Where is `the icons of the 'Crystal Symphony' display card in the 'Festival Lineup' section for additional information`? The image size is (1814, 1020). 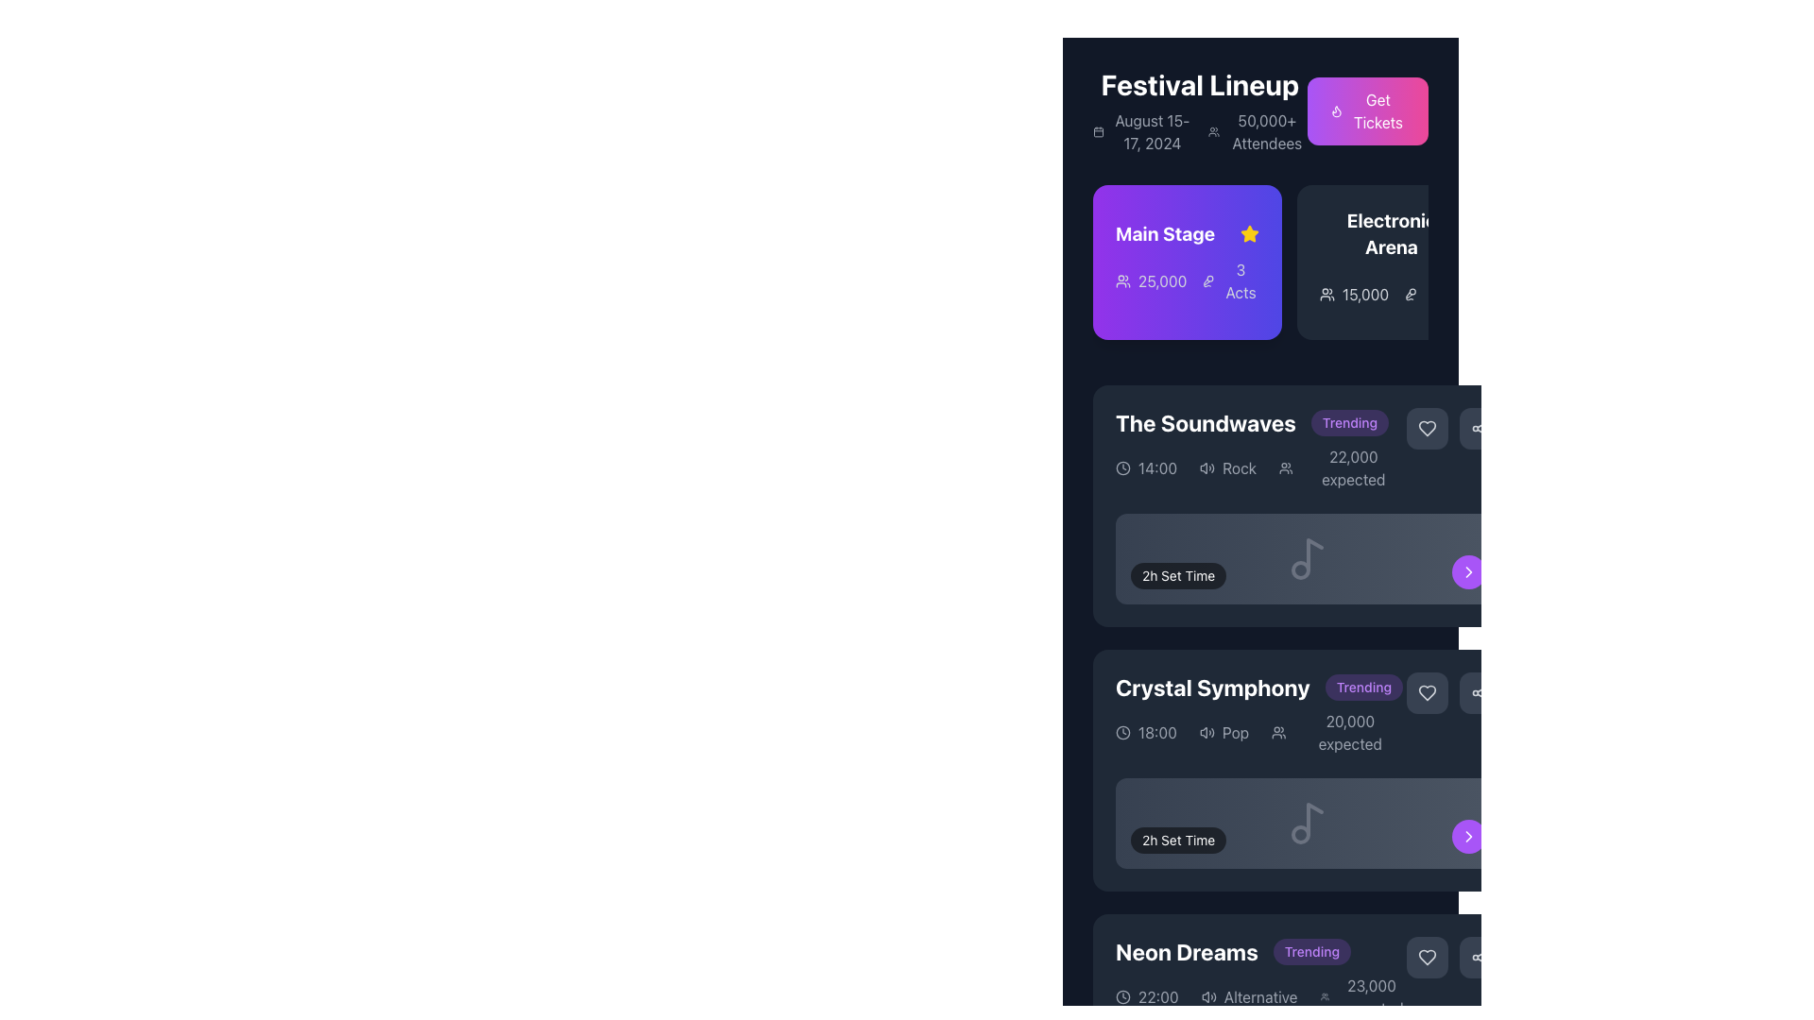
the icons of the 'Crystal Symphony' display card in the 'Festival Lineup' section for additional information is located at coordinates (1260, 714).